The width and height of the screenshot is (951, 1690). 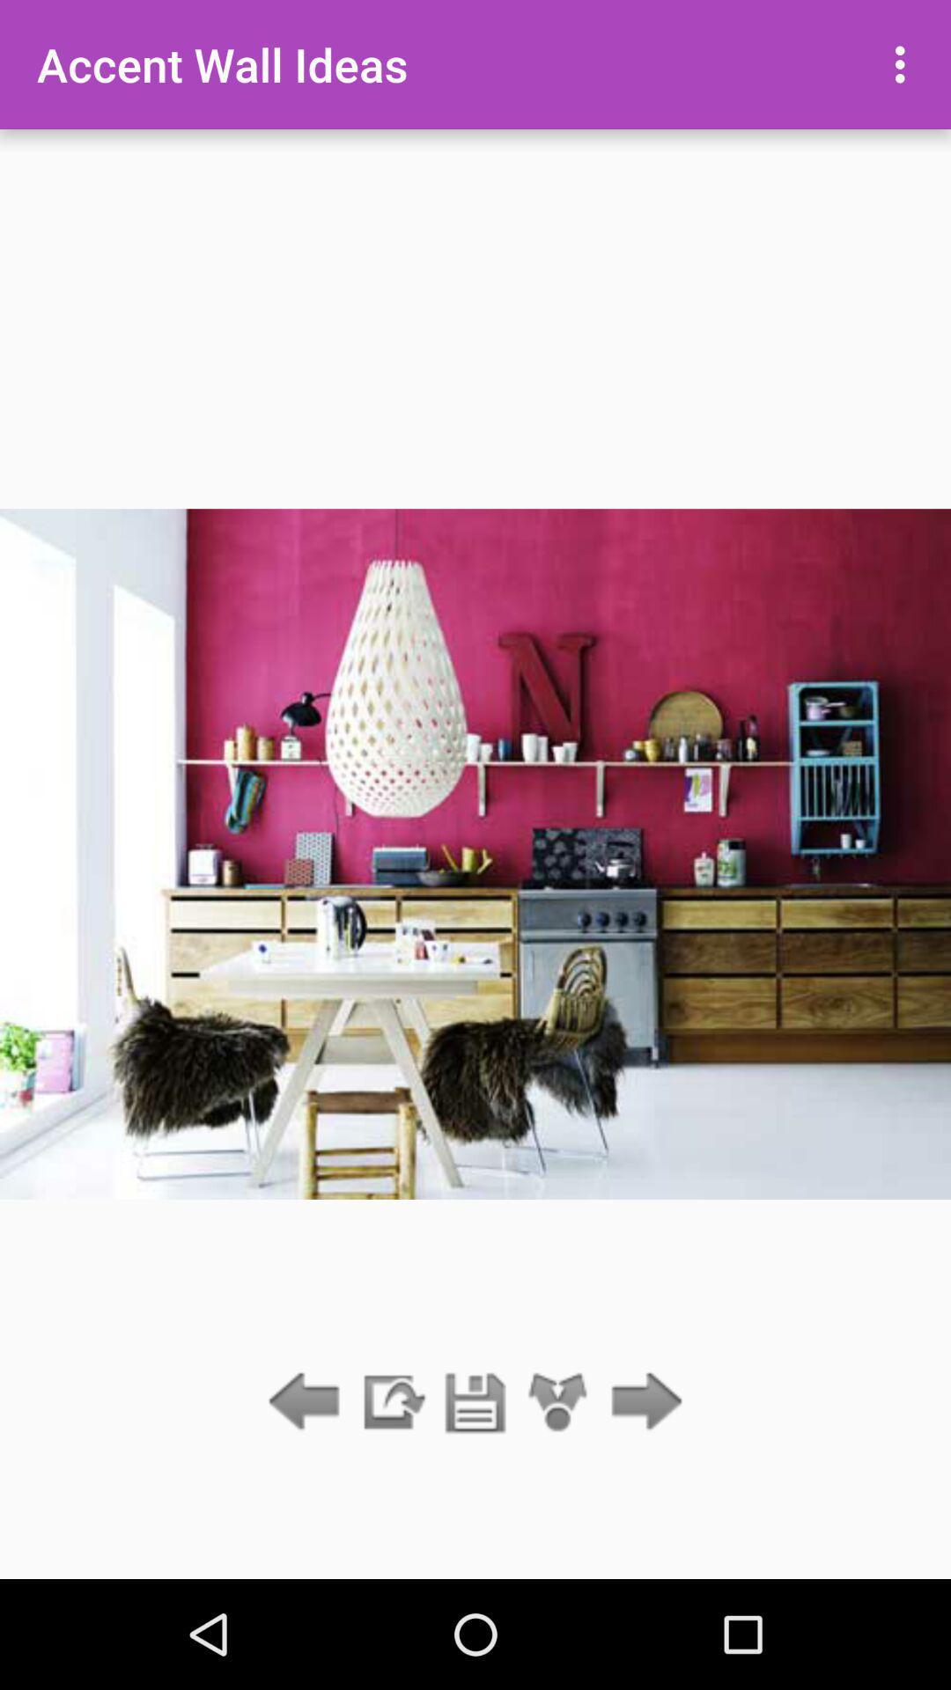 I want to click on save, so click(x=475, y=1402).